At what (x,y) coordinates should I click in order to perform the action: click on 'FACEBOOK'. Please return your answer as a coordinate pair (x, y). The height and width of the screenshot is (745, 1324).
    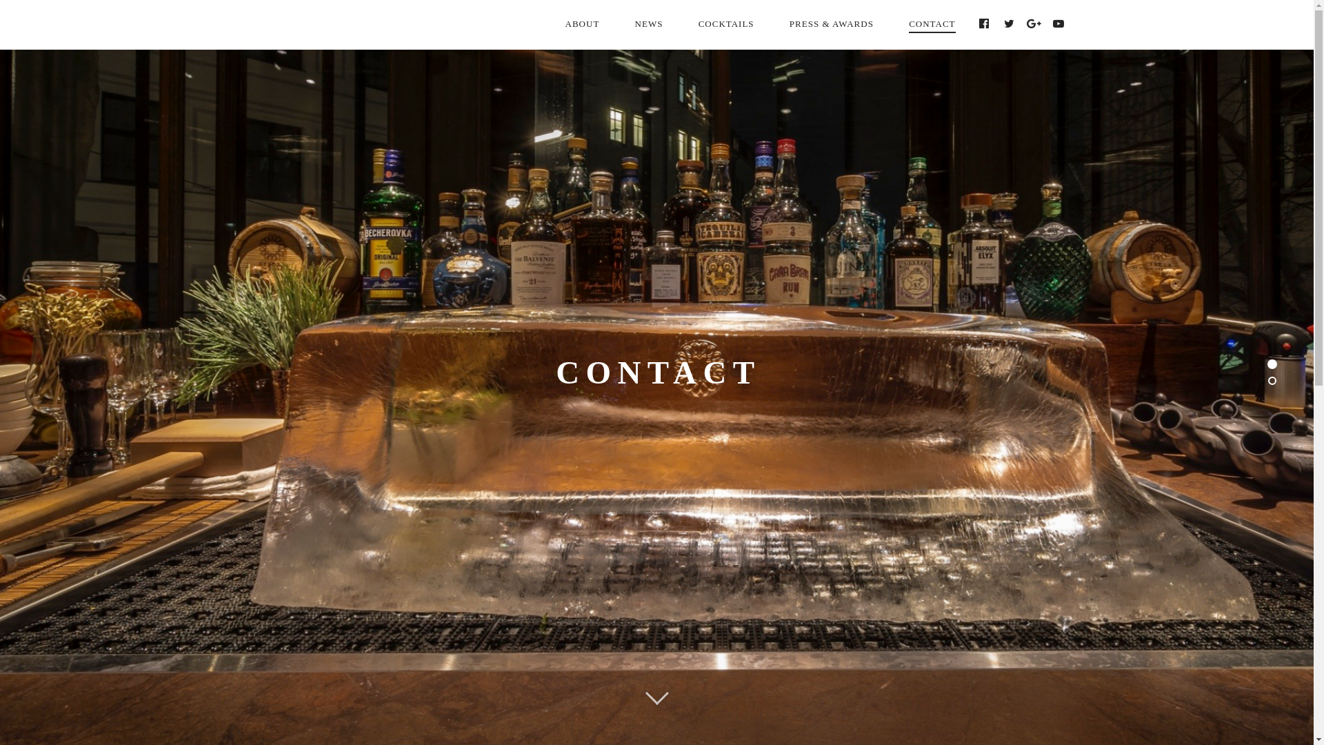
    Looking at the image, I should click on (984, 23).